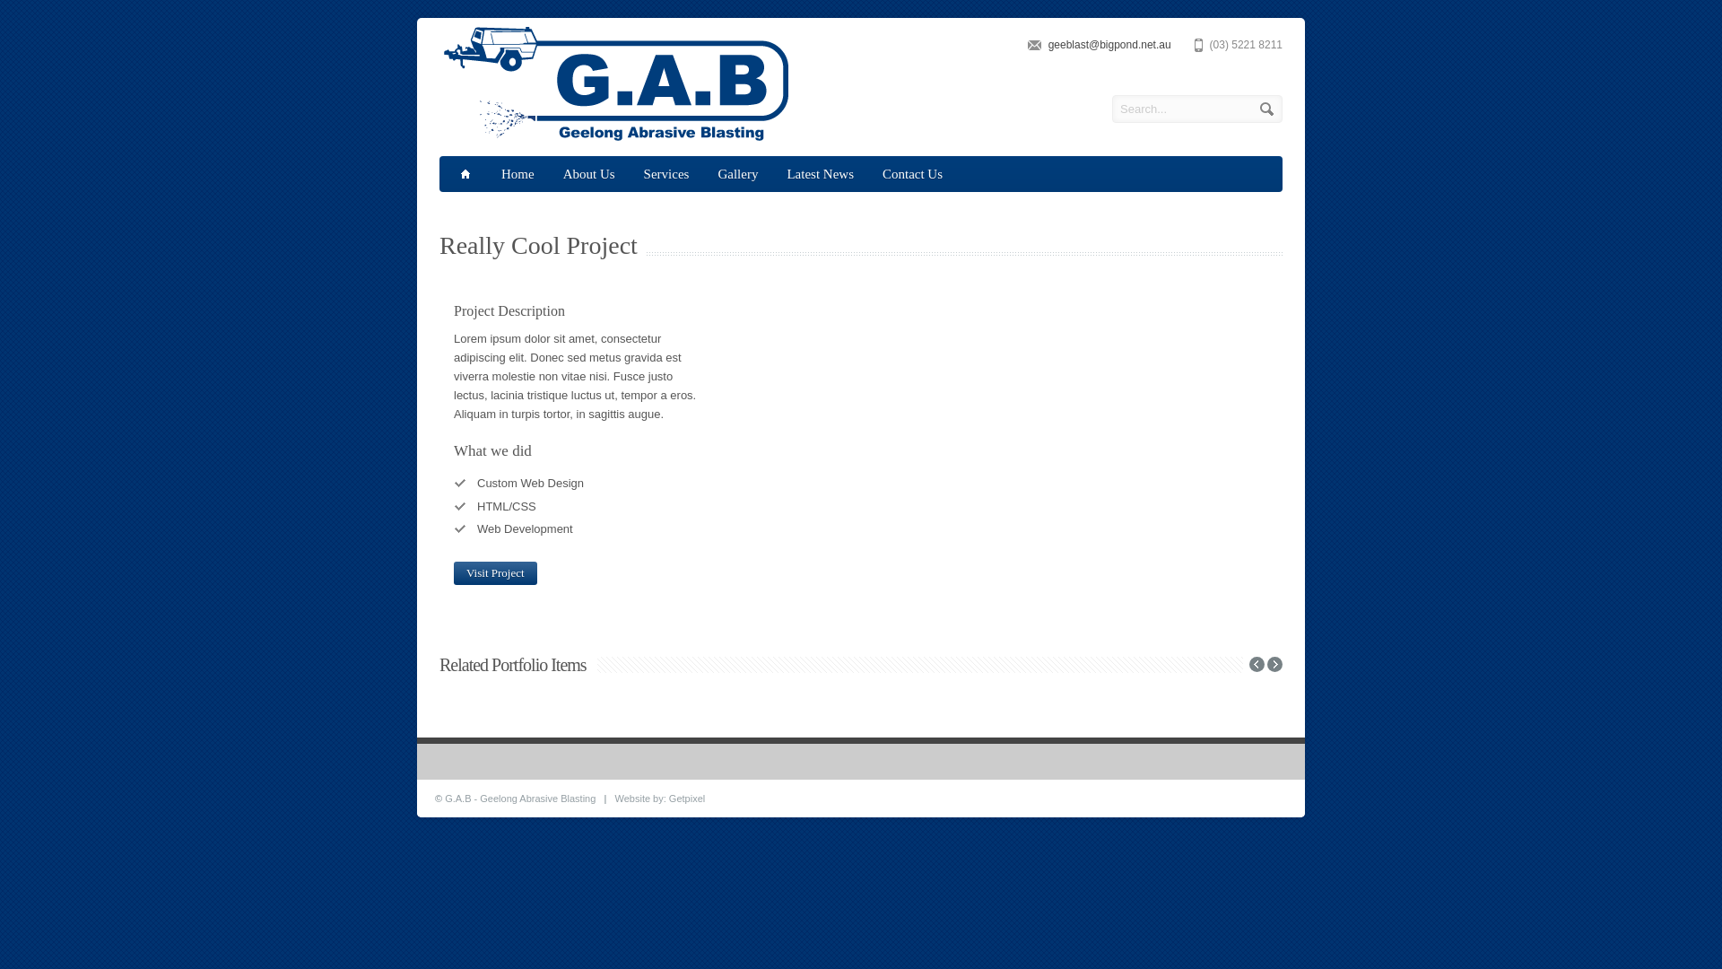  What do you see at coordinates (517, 173) in the screenshot?
I see `'Home'` at bounding box center [517, 173].